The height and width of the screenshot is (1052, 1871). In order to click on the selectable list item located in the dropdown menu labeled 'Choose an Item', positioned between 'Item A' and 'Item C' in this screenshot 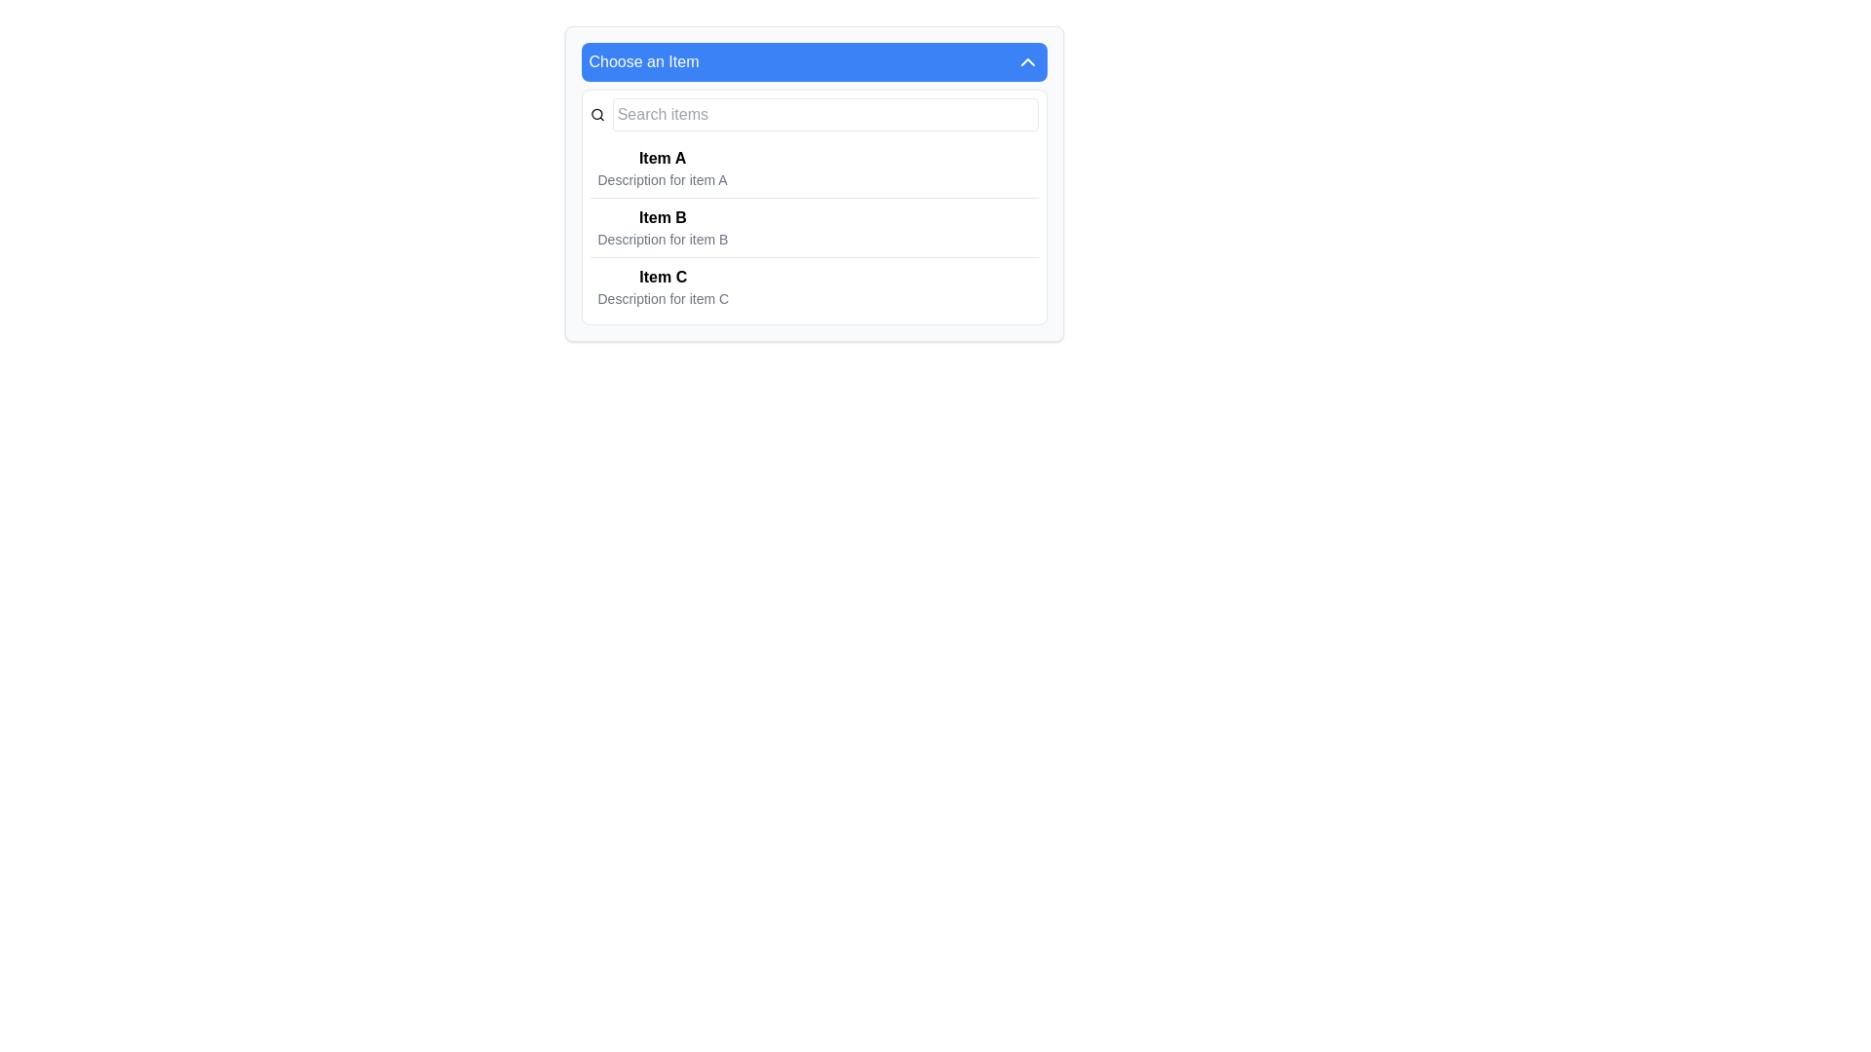, I will do `click(814, 226)`.